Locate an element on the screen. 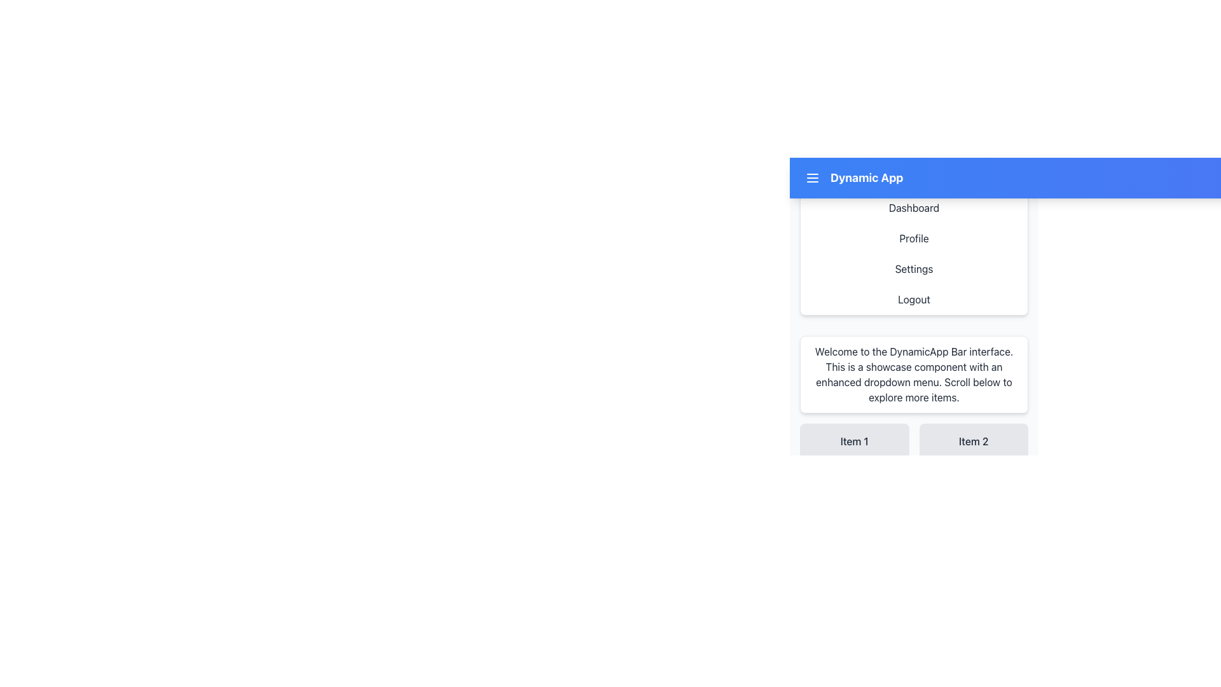 The width and height of the screenshot is (1221, 687). the Static Text Label reading 'Dynamic App' which is styled in bold white text on a blue rectangular background, located in the top navigation bar is located at coordinates (866, 178).